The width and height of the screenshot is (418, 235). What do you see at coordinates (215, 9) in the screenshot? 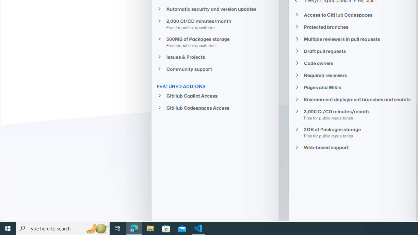
I see `'Automatic security and version updates'` at bounding box center [215, 9].